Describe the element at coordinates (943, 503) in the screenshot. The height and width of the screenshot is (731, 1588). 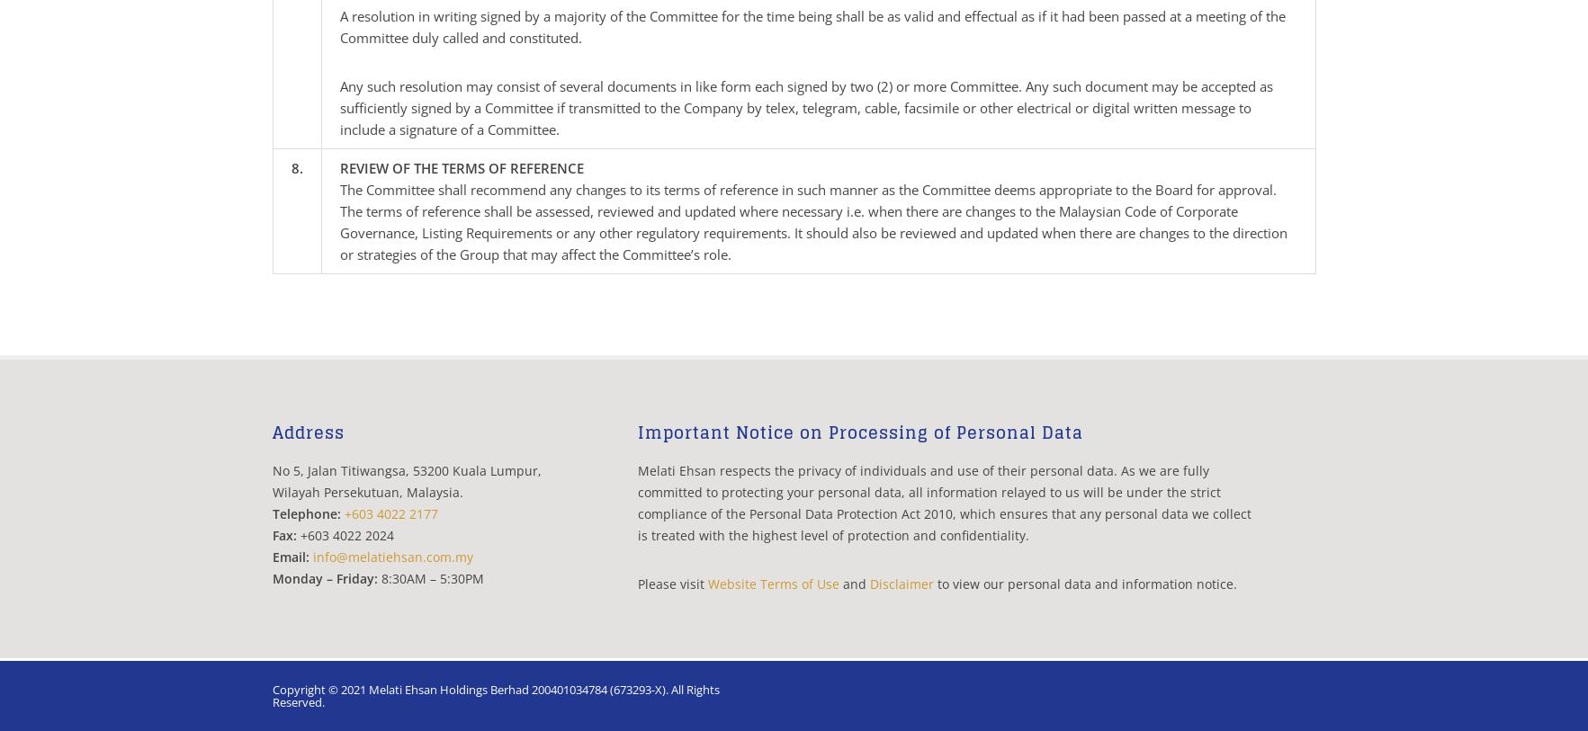
I see `'Melati Ehsan respects the privacy of individuals and use of their personal data. As we are fully committed to protecting your personal data, all information relayed to us will be under the strict compliance of the Personal Data Protection Act 2010, which ensures that any personal data we collect is treated with the highest level of protection and confidentiality.'` at that location.